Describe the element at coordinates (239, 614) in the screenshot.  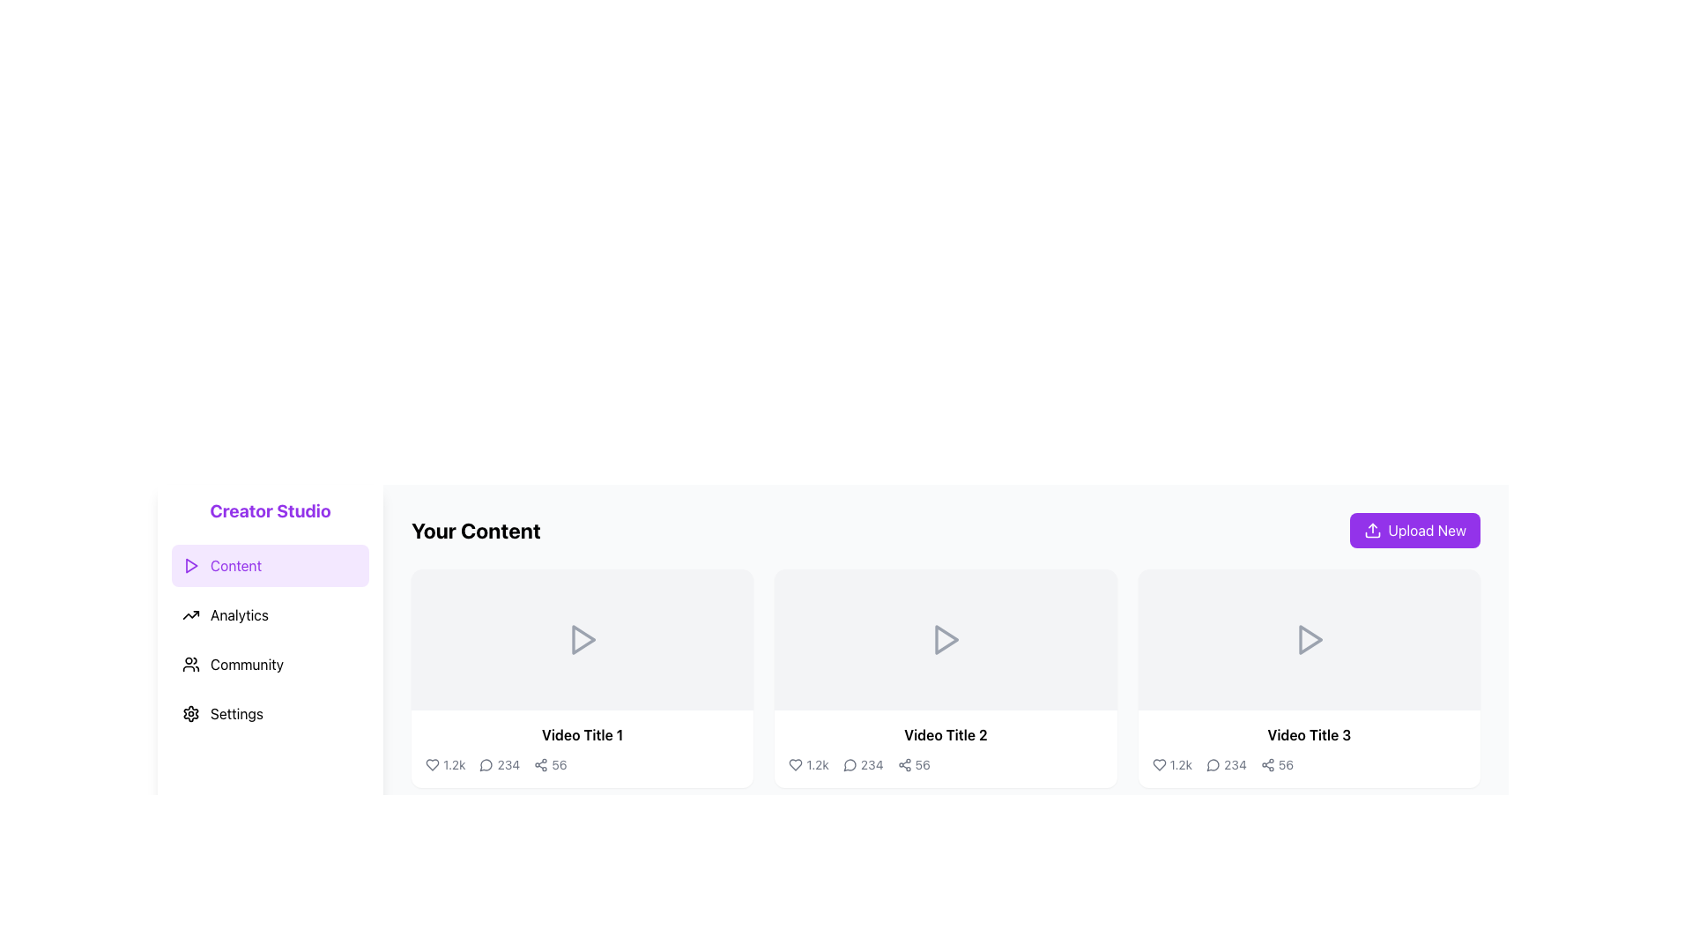
I see `the 'Analytics' text link` at that location.